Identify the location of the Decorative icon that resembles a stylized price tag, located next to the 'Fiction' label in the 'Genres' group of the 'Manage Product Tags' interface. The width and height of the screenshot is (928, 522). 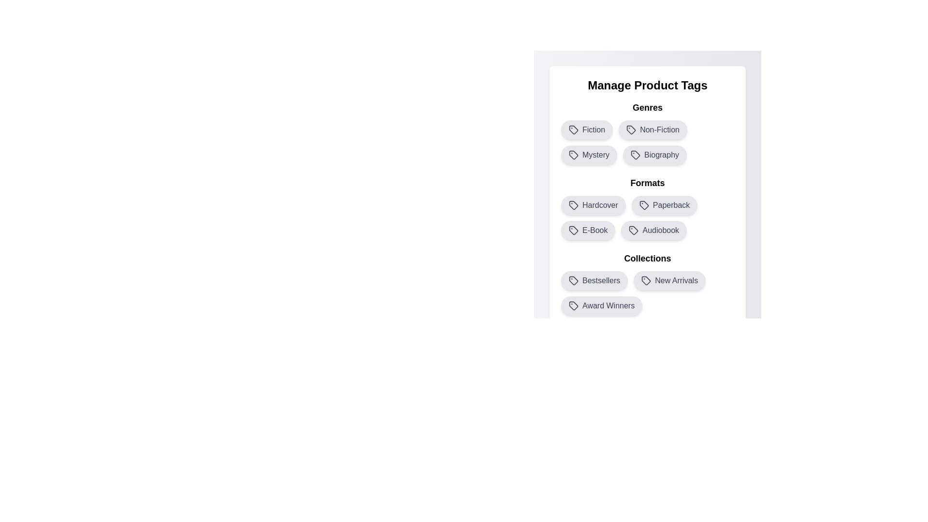
(573, 130).